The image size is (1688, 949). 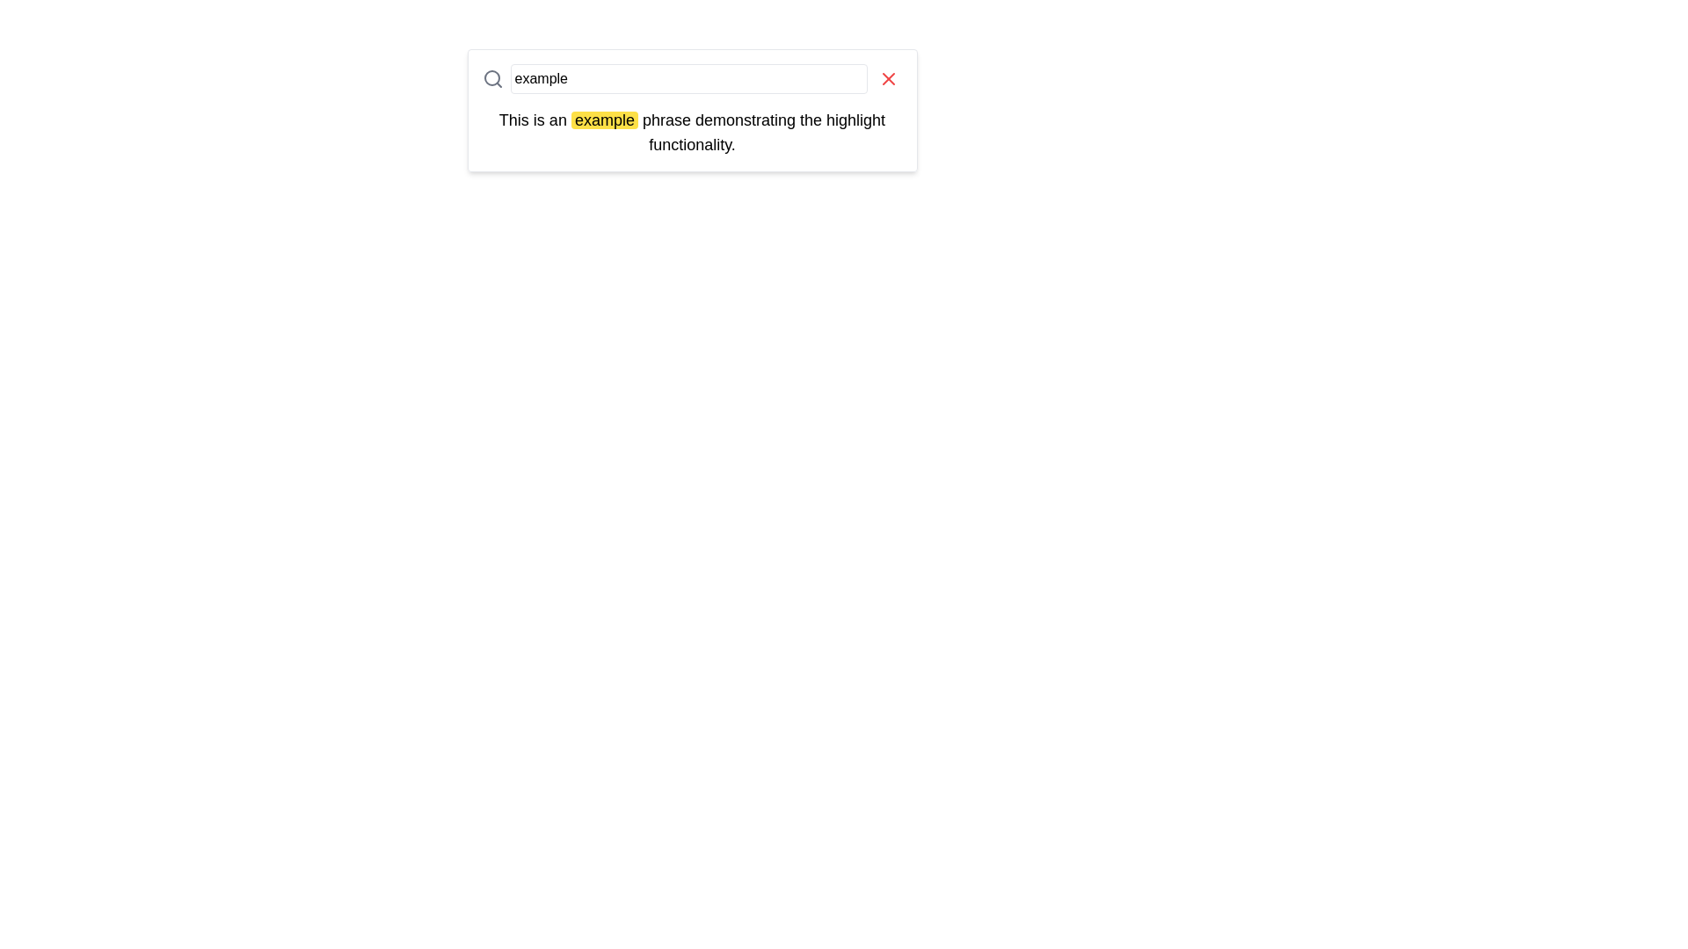 What do you see at coordinates (604, 120) in the screenshot?
I see `the highlighted text 'example' with a yellow background and black text` at bounding box center [604, 120].